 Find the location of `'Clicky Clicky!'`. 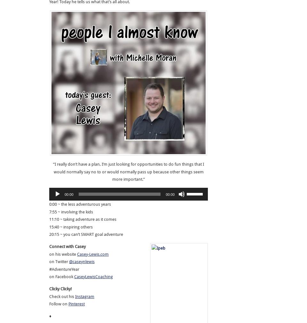

'Clicky Clicky!' is located at coordinates (49, 289).